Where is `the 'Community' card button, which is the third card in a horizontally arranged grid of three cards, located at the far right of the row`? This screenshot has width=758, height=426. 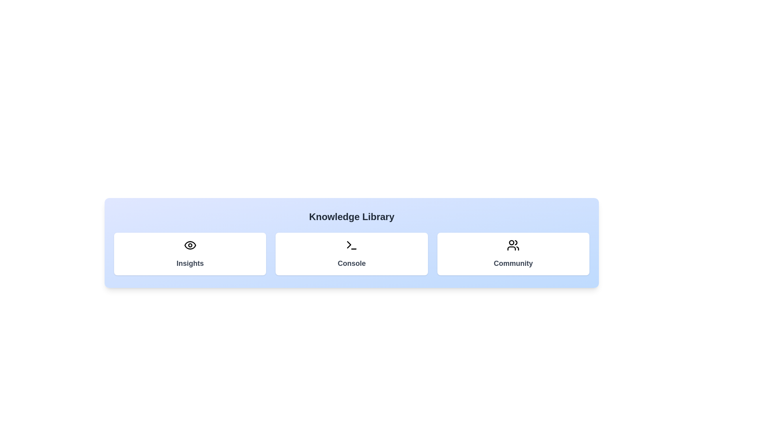
the 'Community' card button, which is the third card in a horizontally arranged grid of three cards, located at the far right of the row is located at coordinates (513, 254).